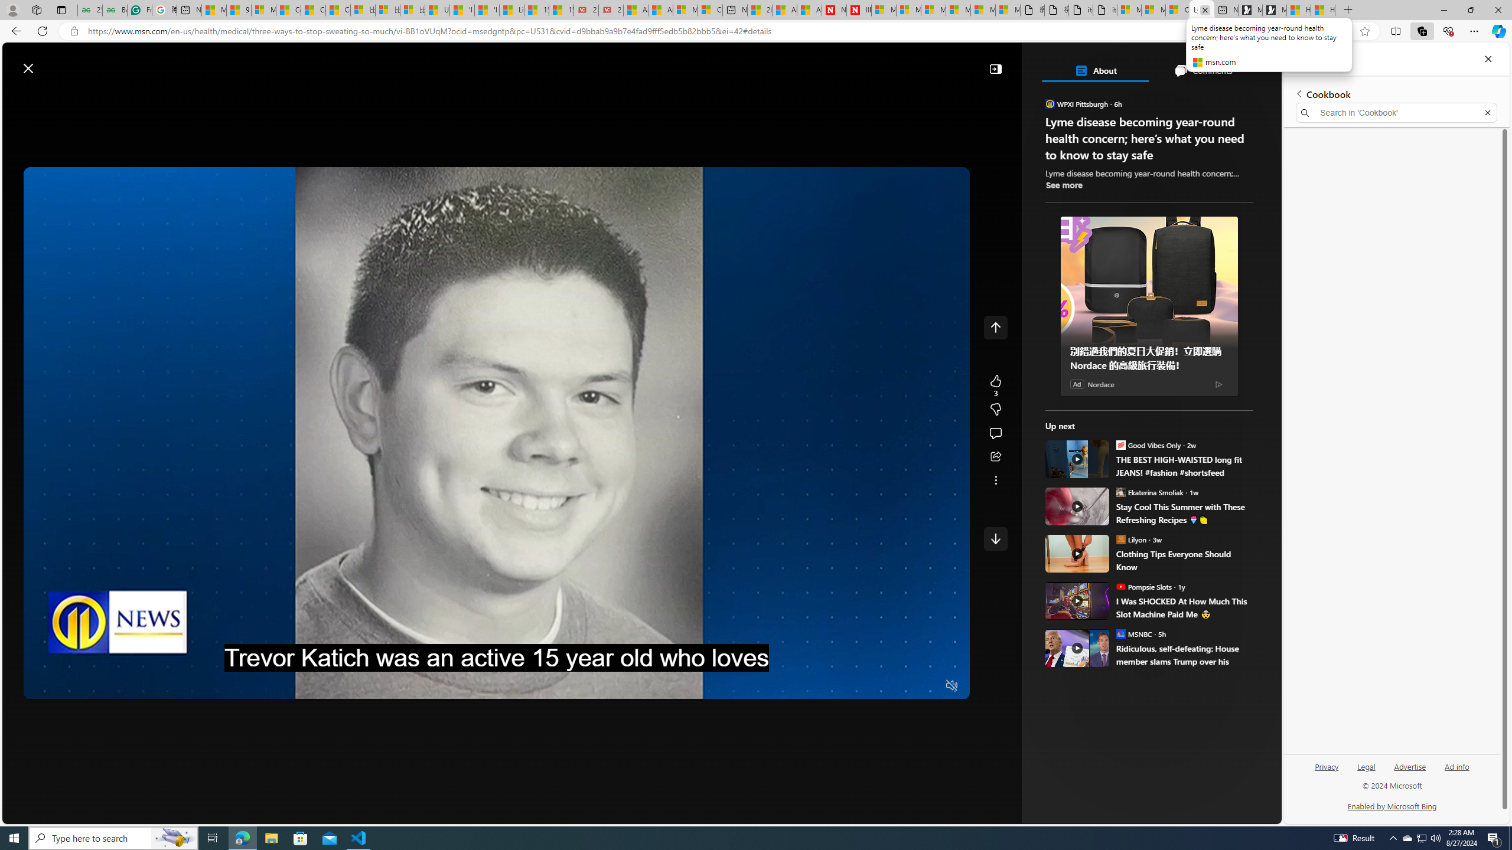 This screenshot has height=850, width=1512. I want to click on 'AutomationID: e5rZOEMGacU1', so click(995, 538).